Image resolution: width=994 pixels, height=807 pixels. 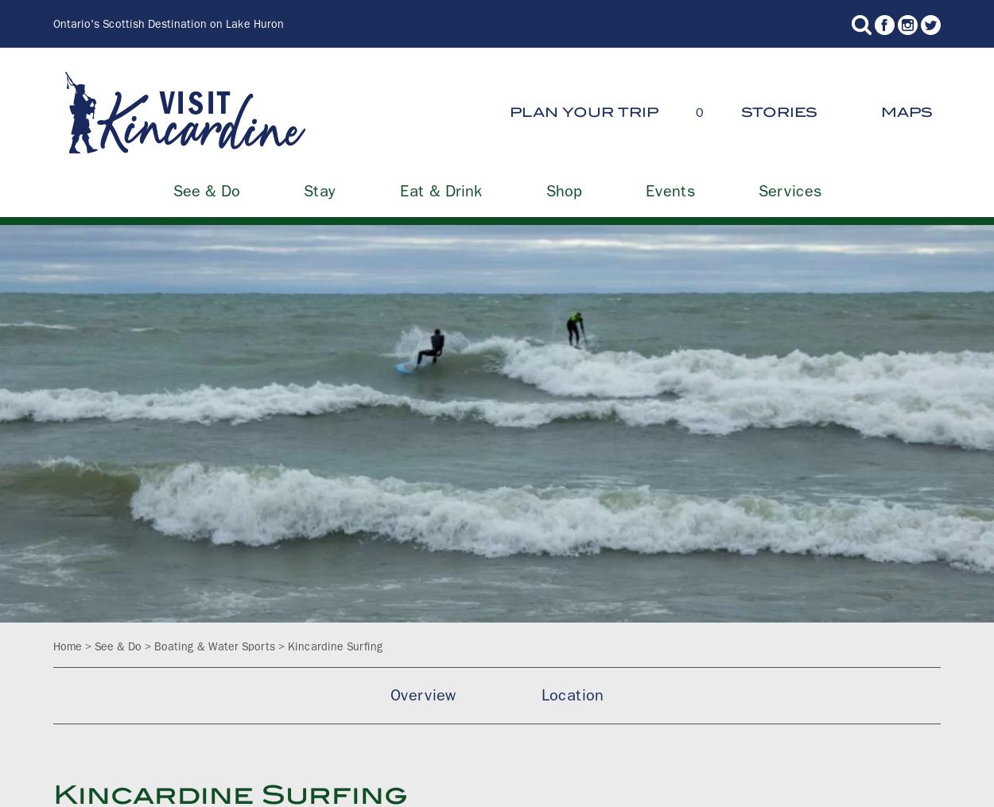 What do you see at coordinates (136, 574) in the screenshot?
I see `'Services'` at bounding box center [136, 574].